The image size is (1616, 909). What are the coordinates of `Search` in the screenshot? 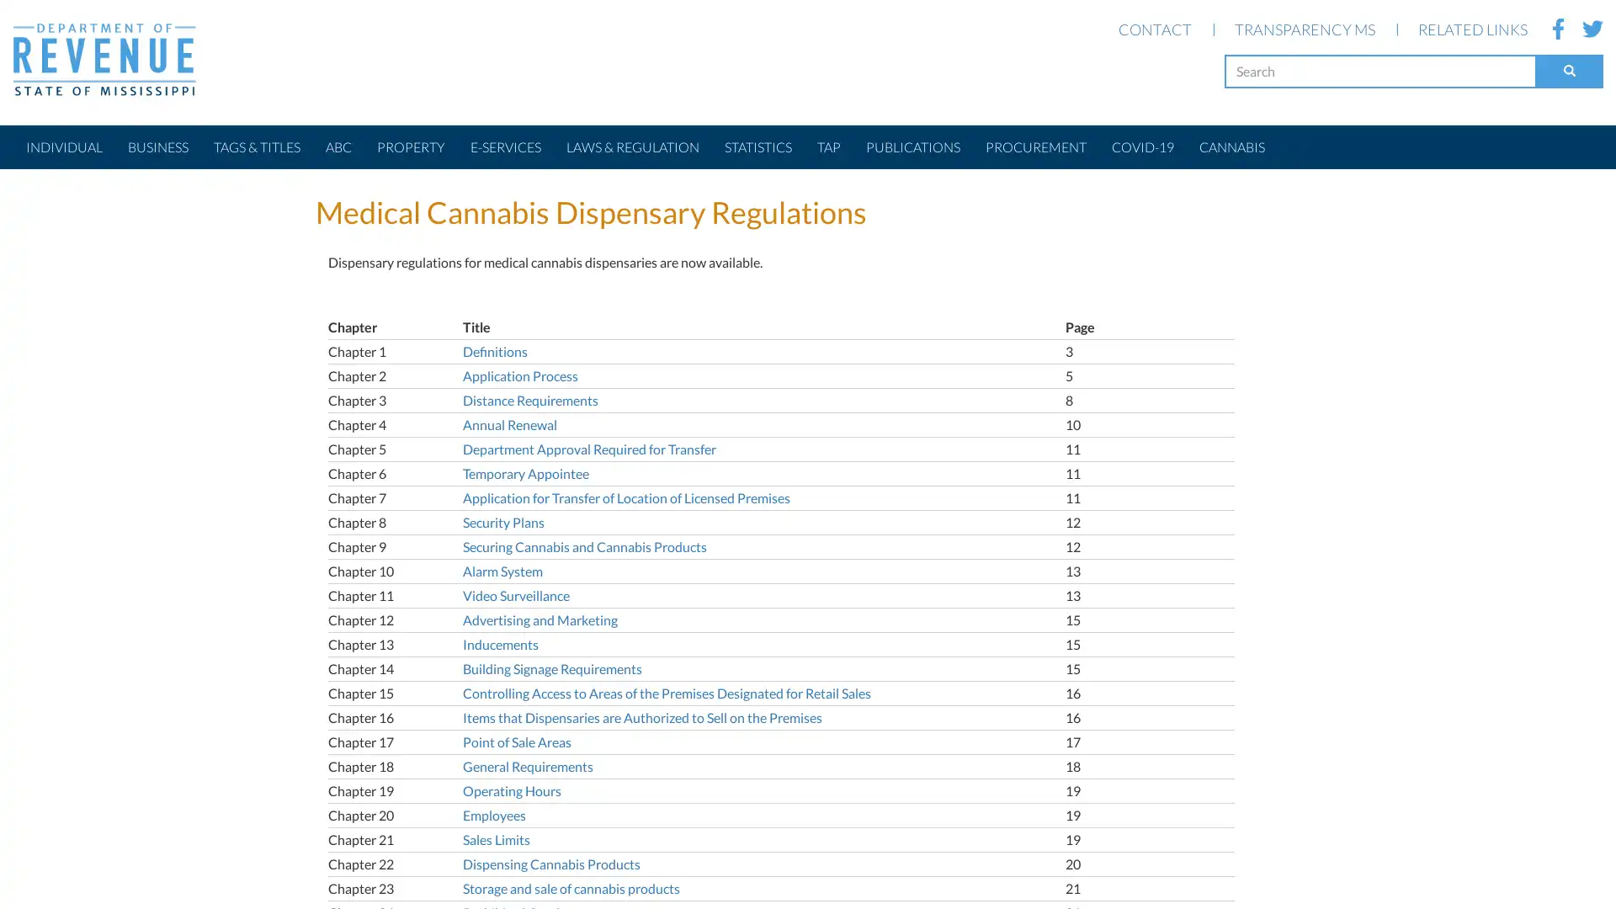 It's located at (1569, 70).